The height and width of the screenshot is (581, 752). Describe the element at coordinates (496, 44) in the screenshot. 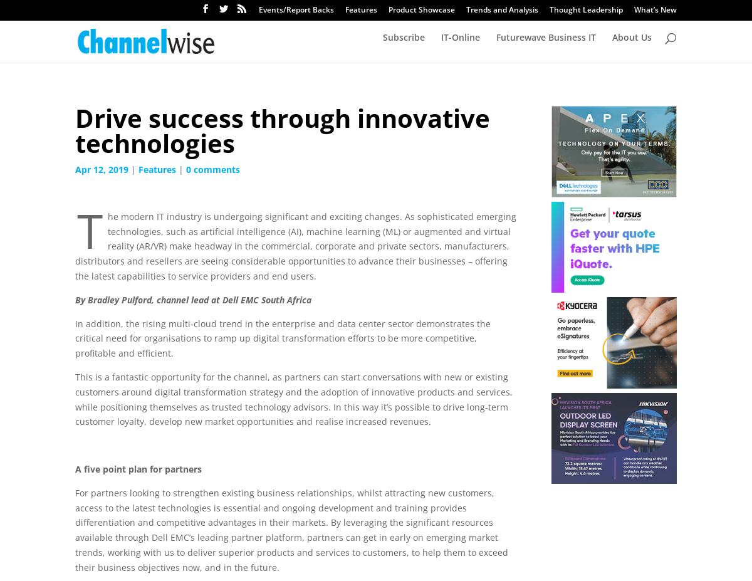

I see `'Futurewave Business IT'` at that location.